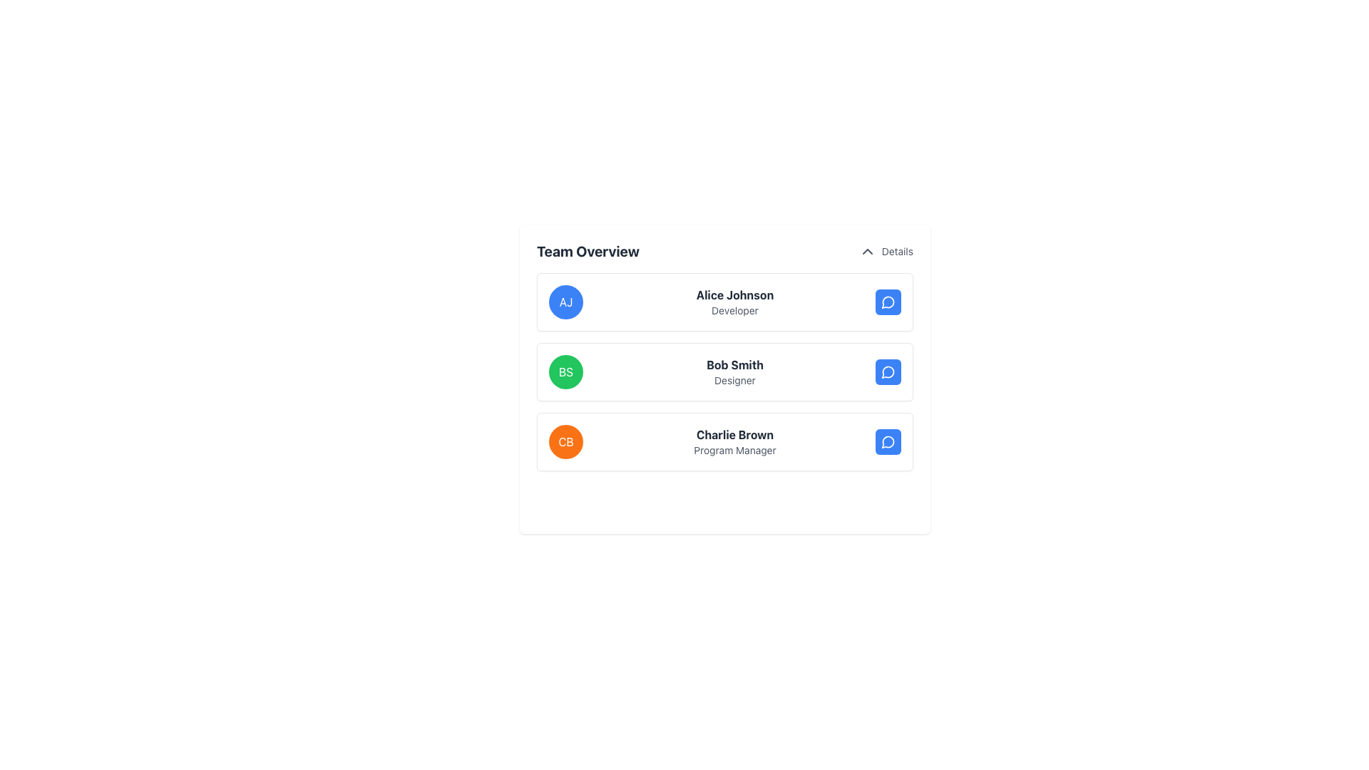 The height and width of the screenshot is (770, 1369). I want to click on the second speech bubble icon in the 'Team Overview' module for Bob Smith, so click(888, 371).